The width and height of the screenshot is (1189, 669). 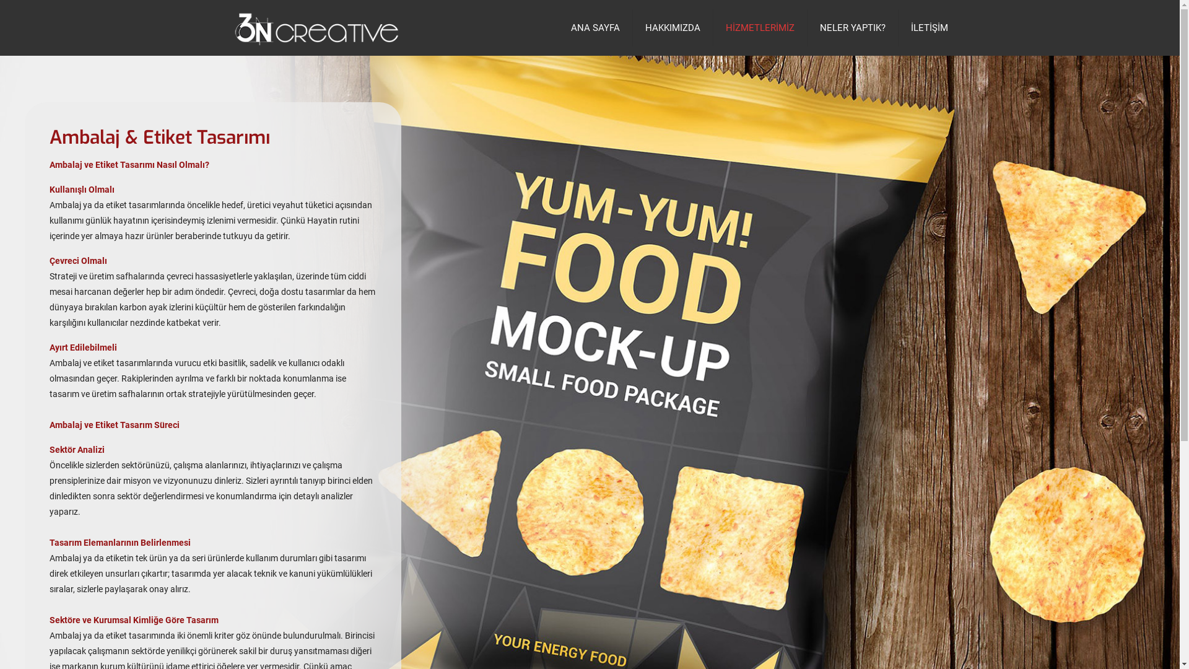 What do you see at coordinates (595, 28) in the screenshot?
I see `'ANA SAYFA'` at bounding box center [595, 28].